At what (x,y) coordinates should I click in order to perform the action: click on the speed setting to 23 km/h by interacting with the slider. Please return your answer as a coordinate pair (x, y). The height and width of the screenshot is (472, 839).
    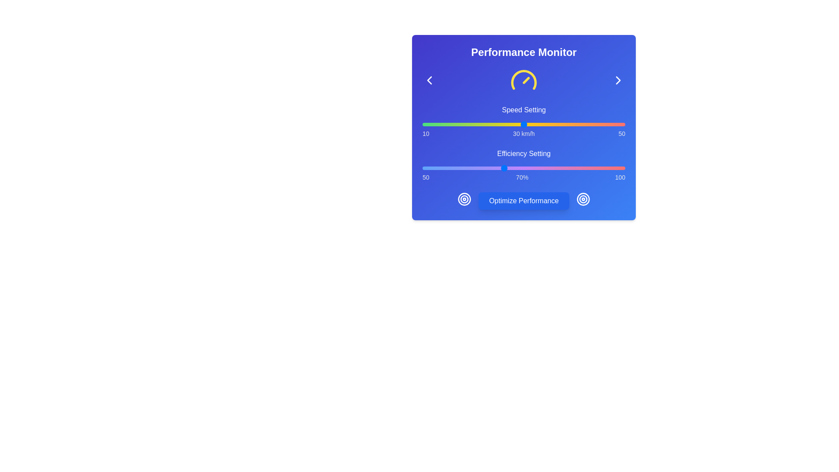
    Looking at the image, I should click on (488, 125).